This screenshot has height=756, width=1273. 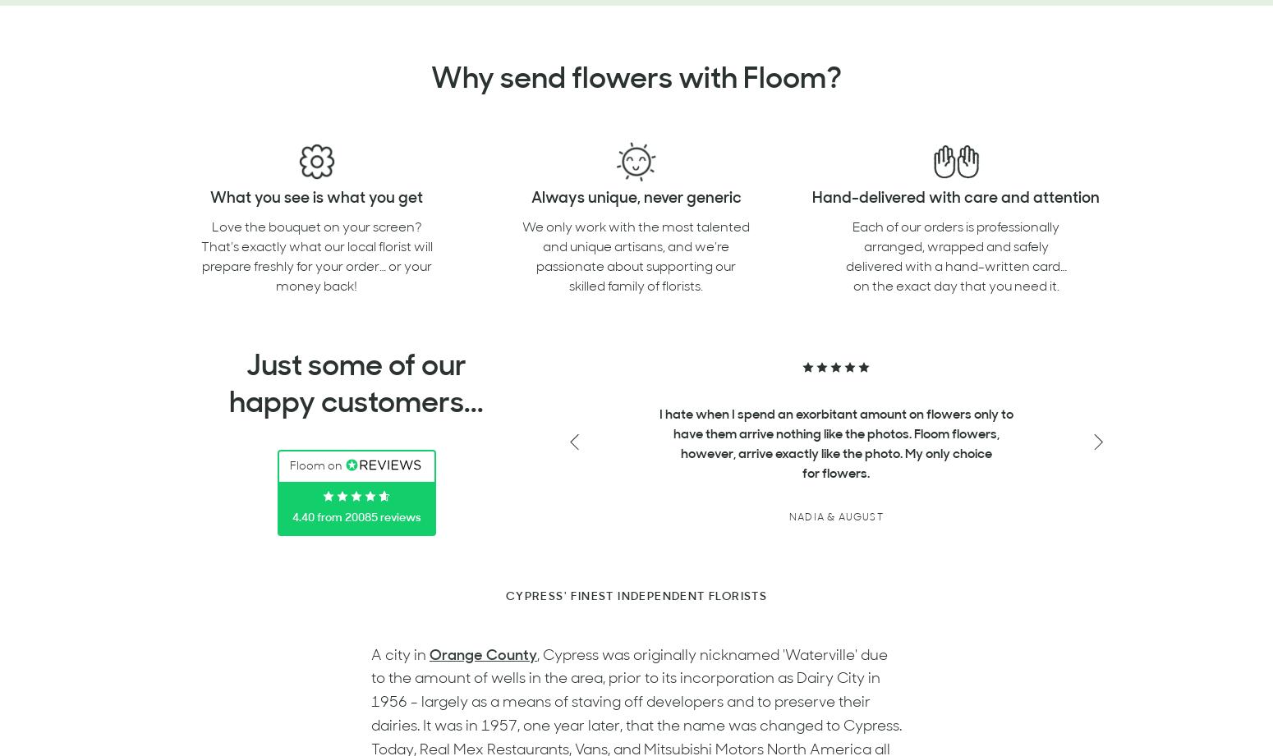 I want to click on 'Hand-delivered with care and attention', so click(x=956, y=198).